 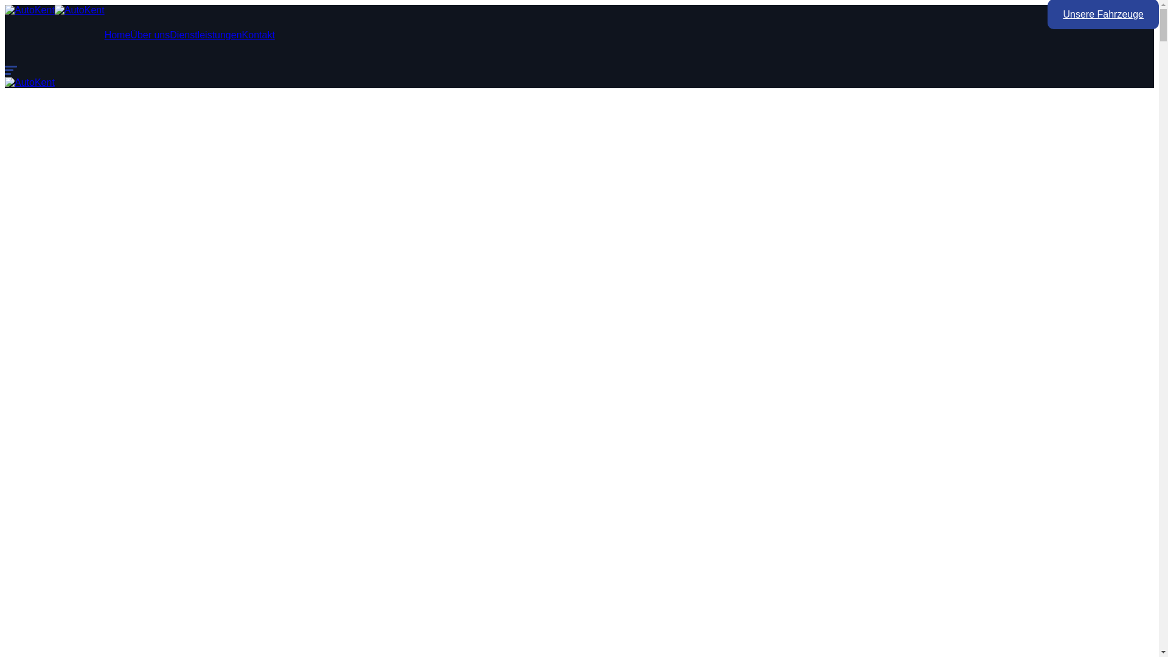 What do you see at coordinates (78, 10) in the screenshot?
I see `'AutoKent'` at bounding box center [78, 10].